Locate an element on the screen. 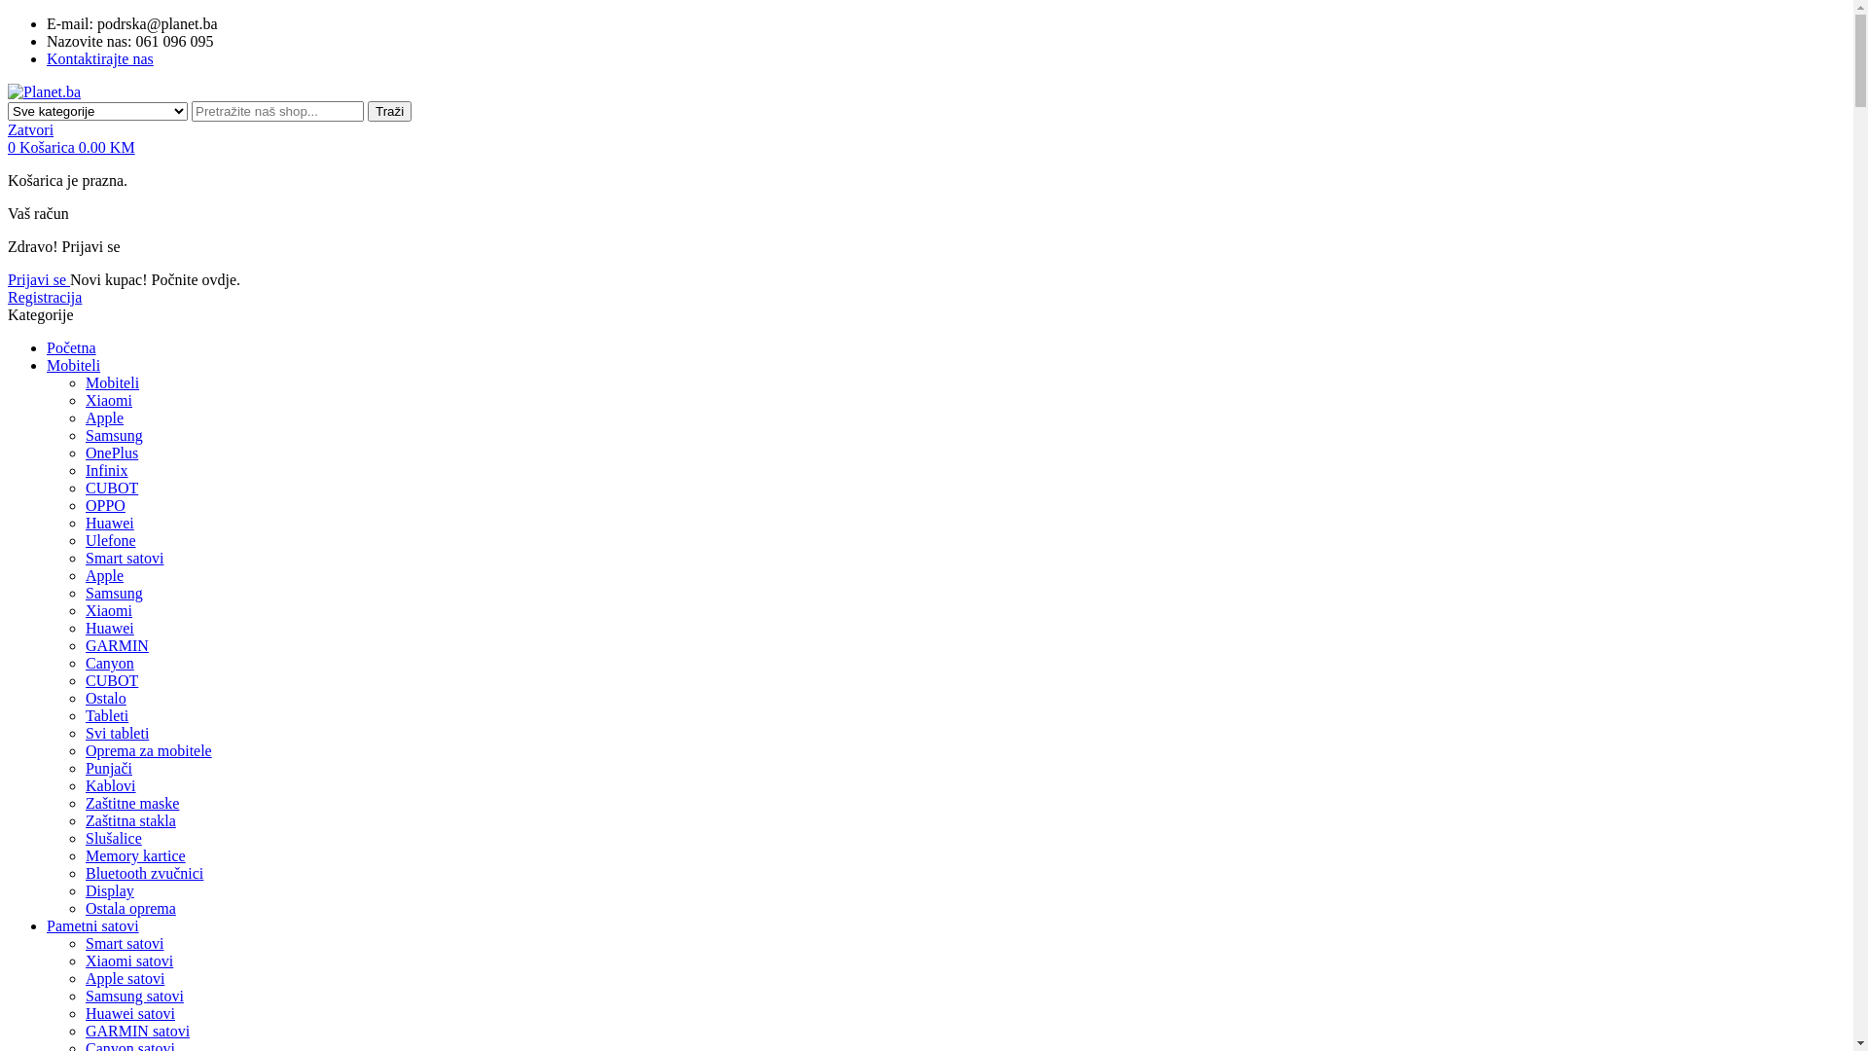  'Ulefone' is located at coordinates (110, 540).